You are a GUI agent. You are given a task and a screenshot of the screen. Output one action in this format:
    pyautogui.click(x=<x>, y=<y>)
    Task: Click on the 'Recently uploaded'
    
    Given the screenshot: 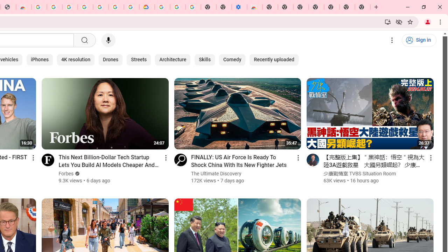 What is the action you would take?
    pyautogui.click(x=273, y=59)
    